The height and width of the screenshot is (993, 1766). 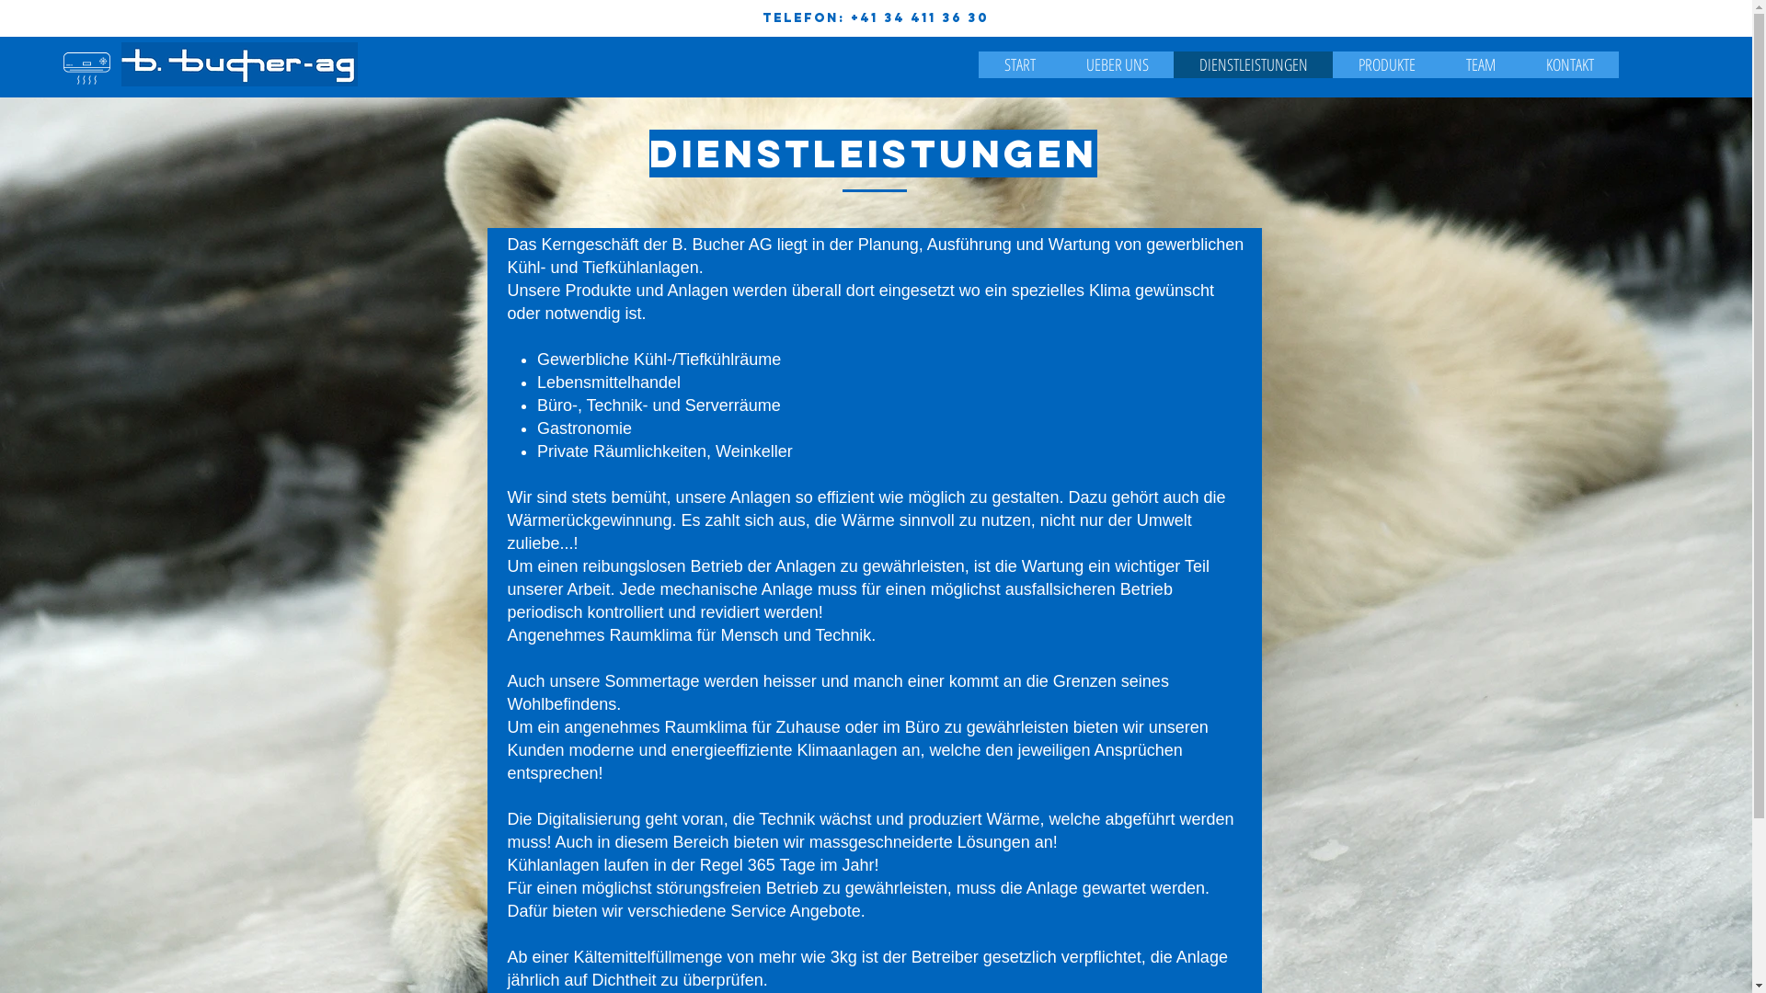 What do you see at coordinates (1252, 63) in the screenshot?
I see `'DIENSTLEISTUNGEN'` at bounding box center [1252, 63].